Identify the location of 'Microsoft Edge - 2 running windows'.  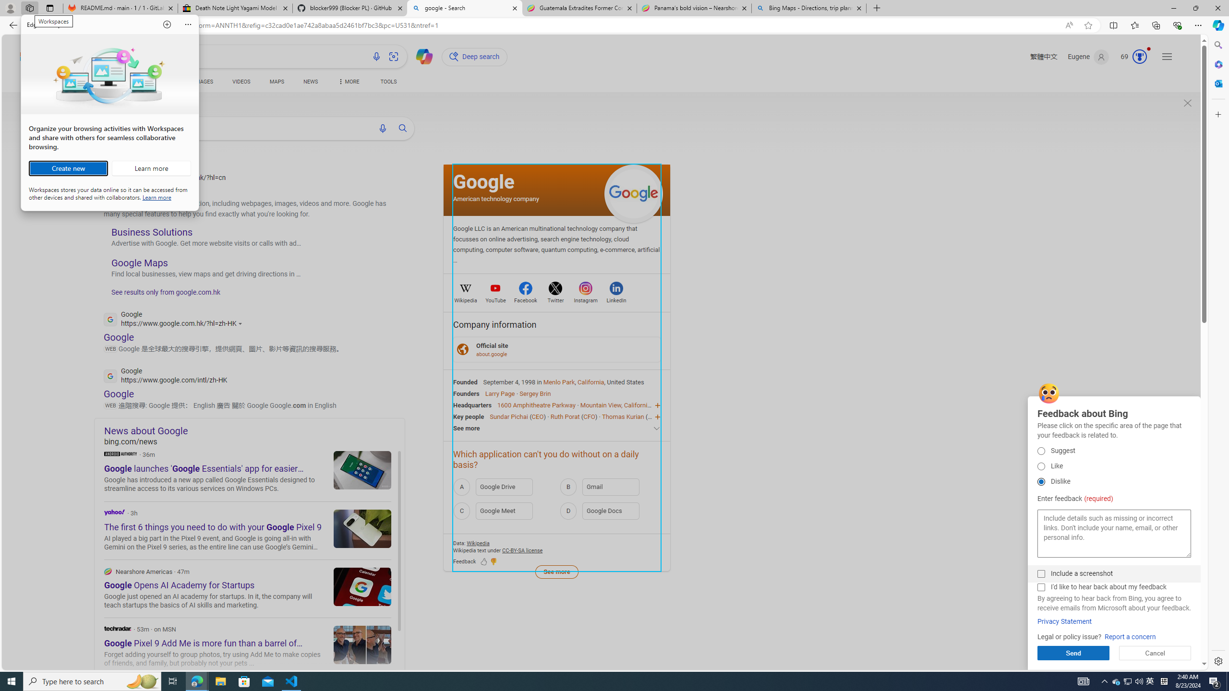
(196, 680).